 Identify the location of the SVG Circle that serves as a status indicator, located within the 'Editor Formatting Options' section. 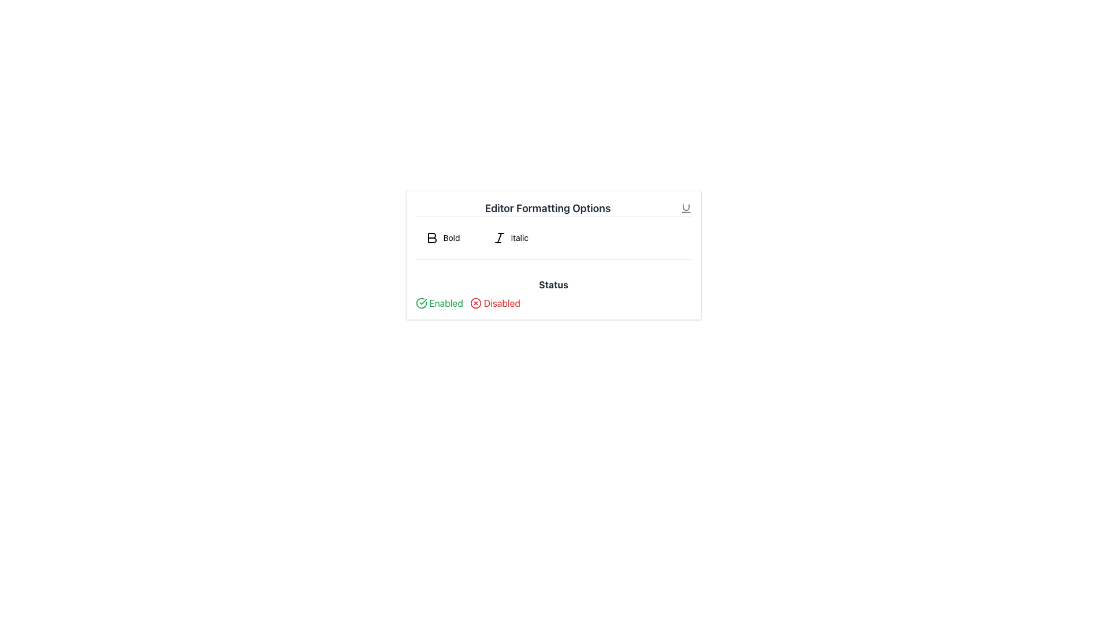
(475, 302).